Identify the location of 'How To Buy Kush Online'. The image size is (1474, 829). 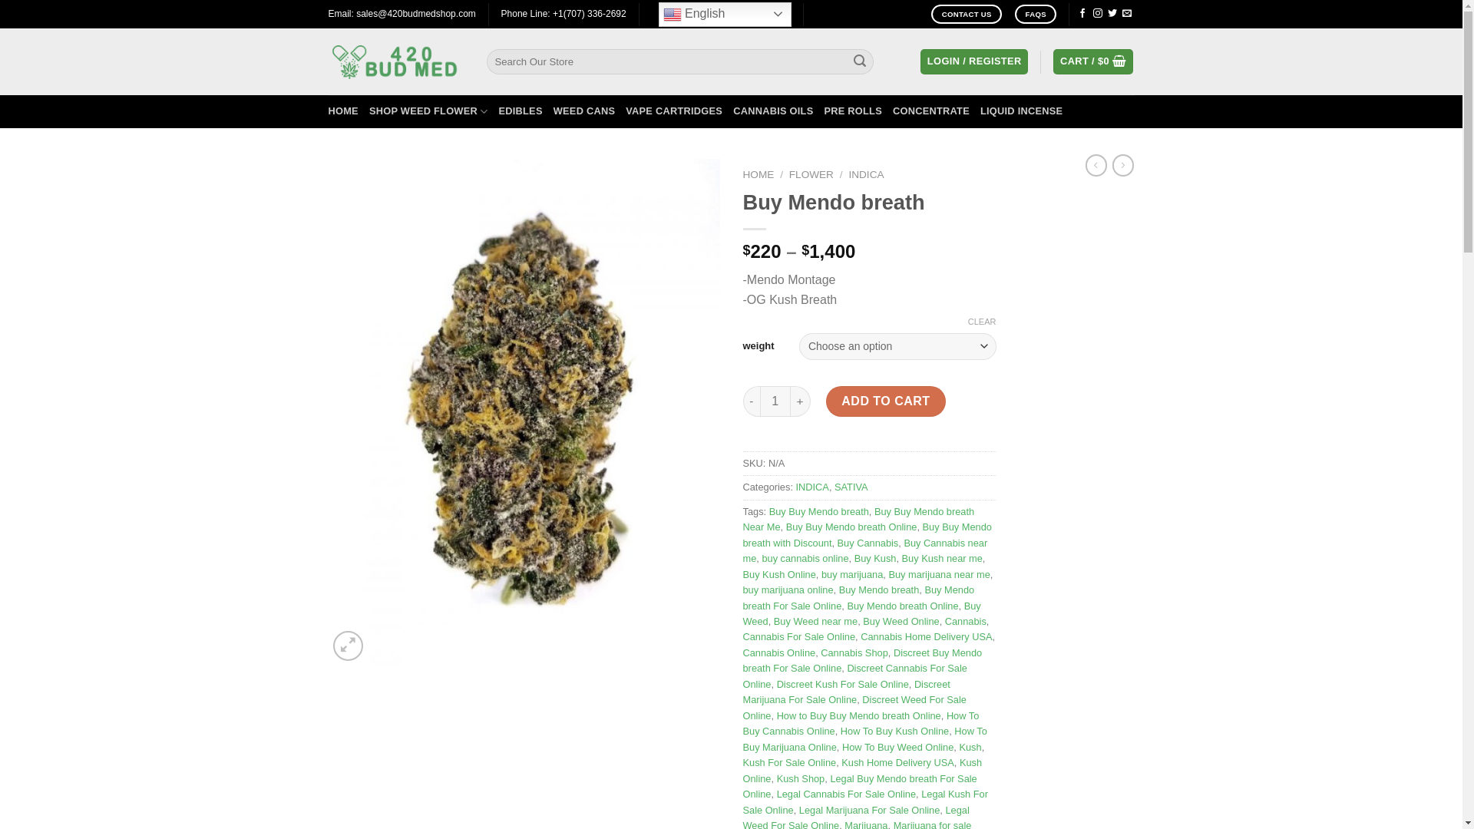
(894, 730).